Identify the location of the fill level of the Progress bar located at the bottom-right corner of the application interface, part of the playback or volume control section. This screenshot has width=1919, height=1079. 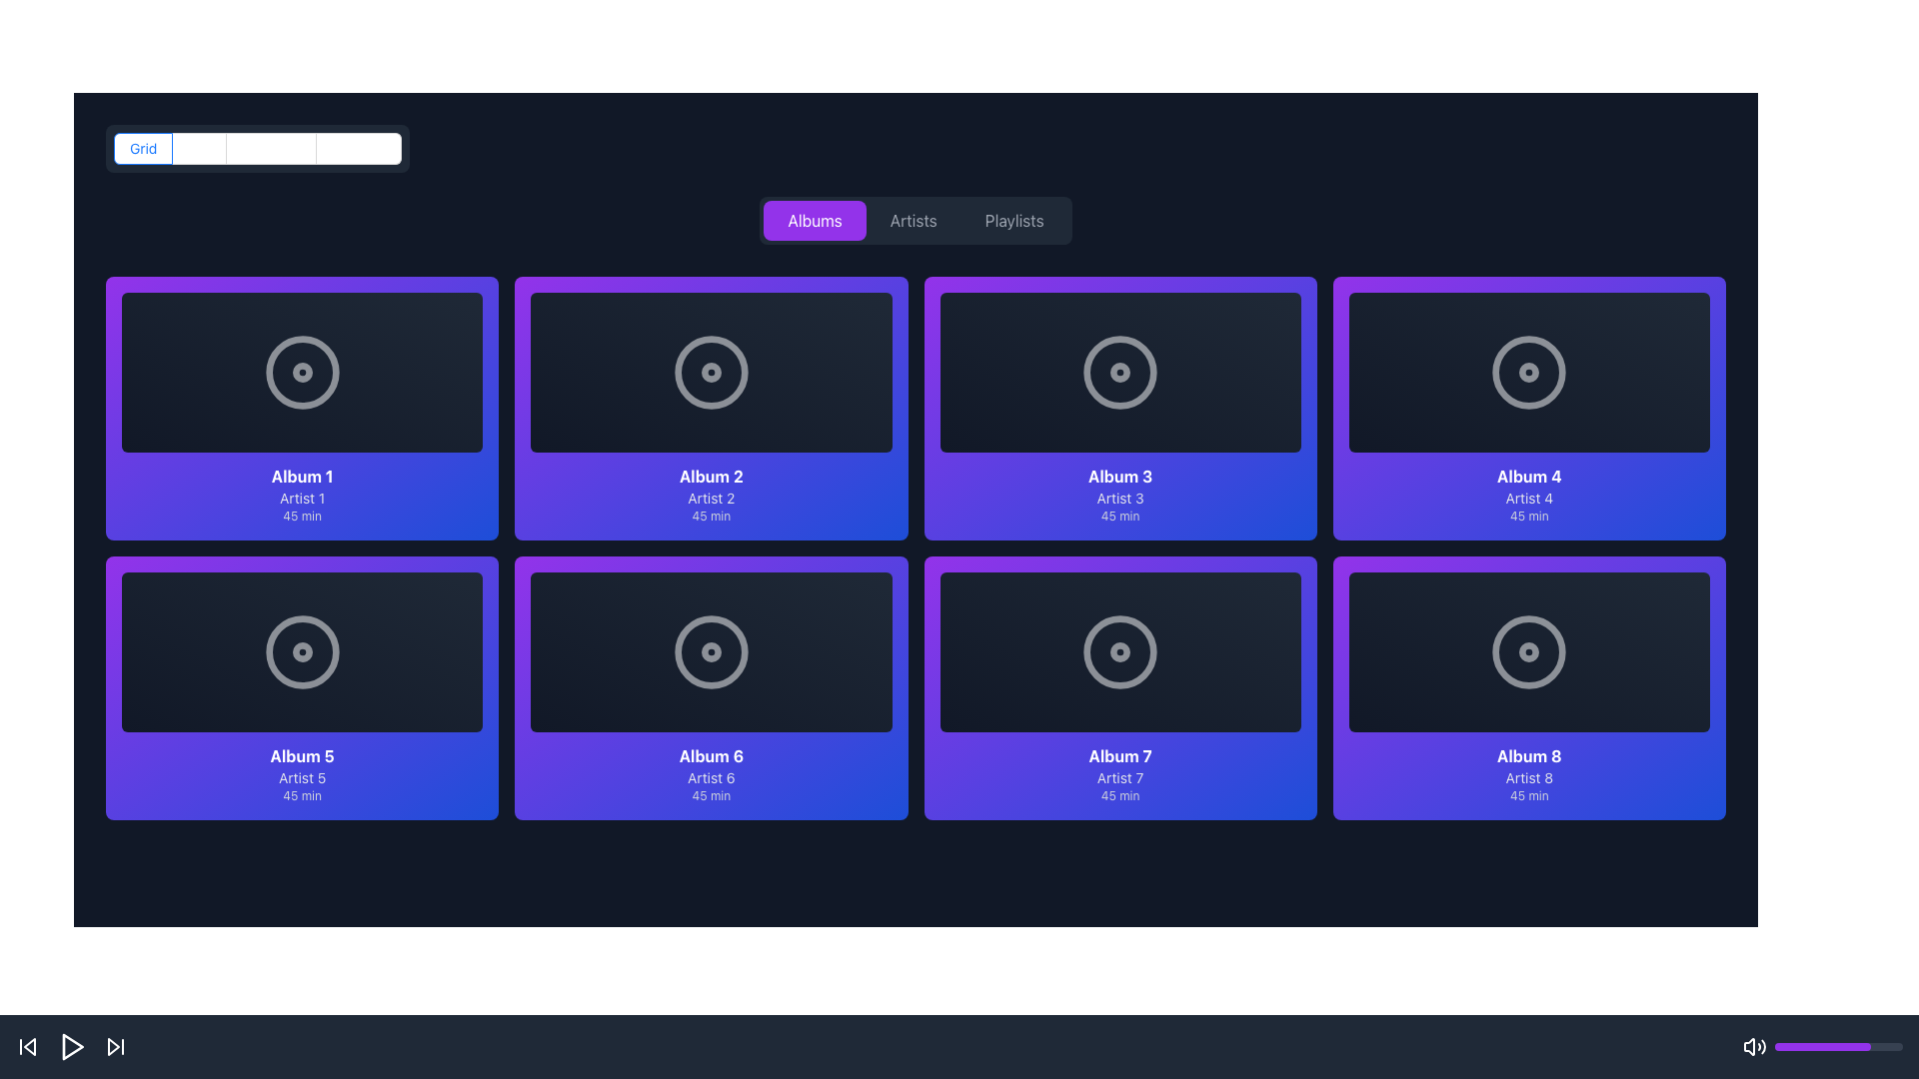
(1838, 1046).